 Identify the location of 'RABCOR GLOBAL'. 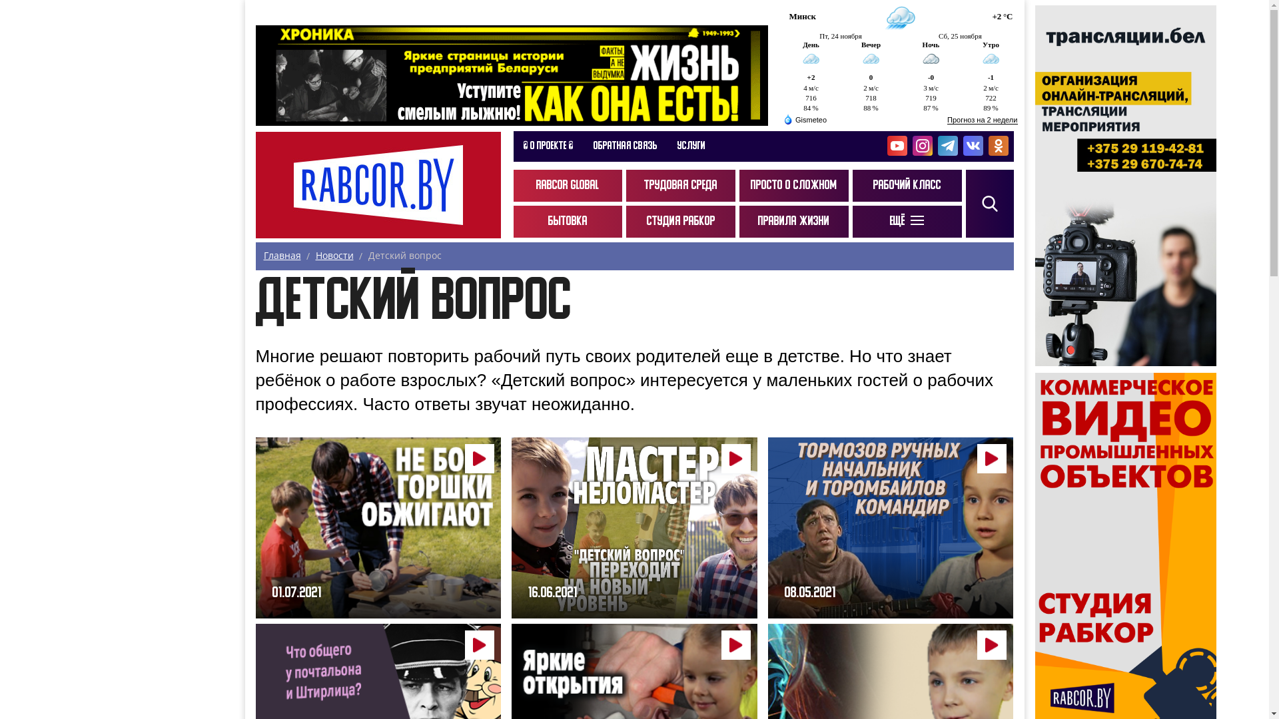
(567, 185).